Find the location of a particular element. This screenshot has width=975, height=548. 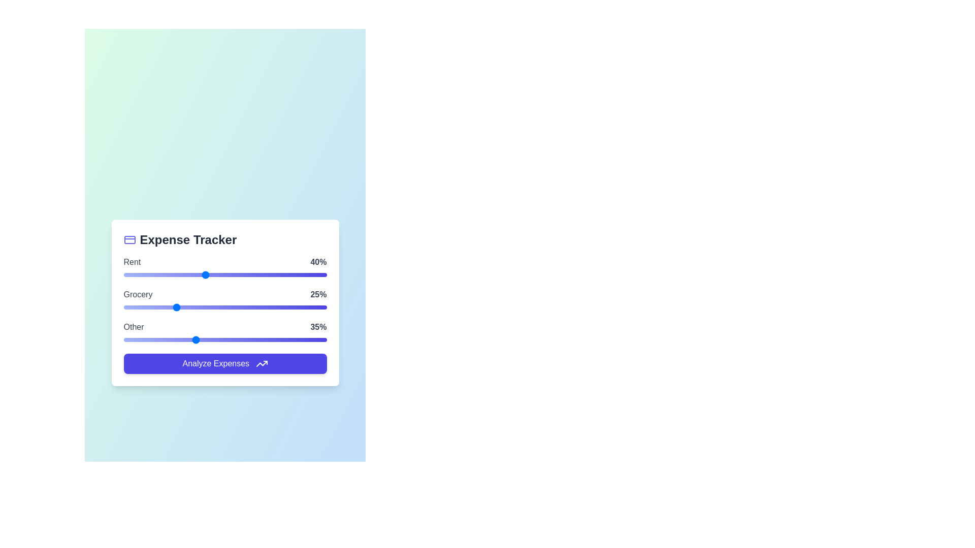

the 'Rent' slider to 46% is located at coordinates (216, 275).